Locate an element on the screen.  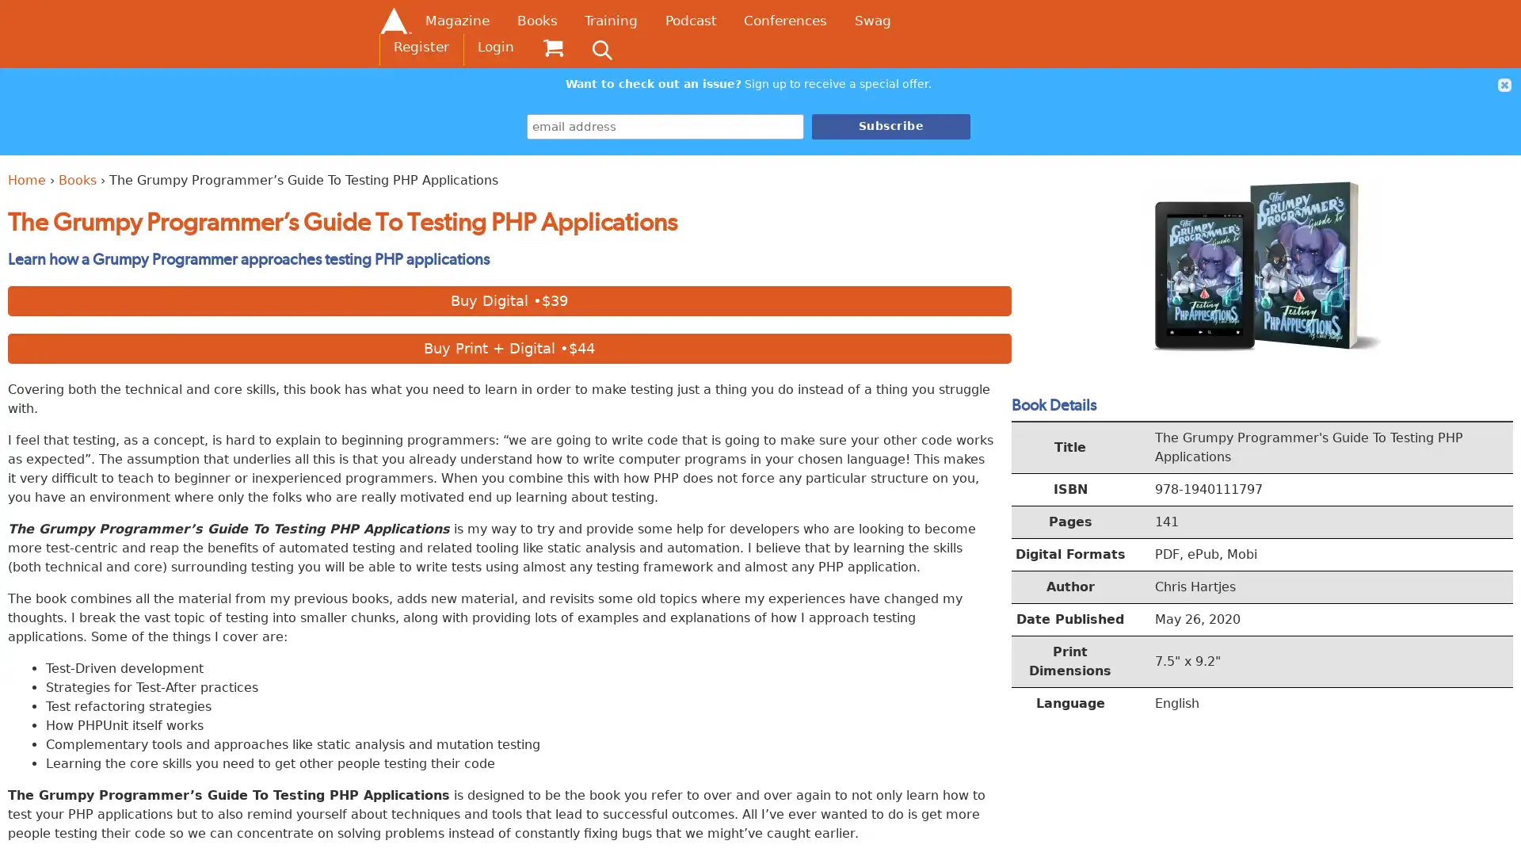
Subscribe is located at coordinates (890, 124).